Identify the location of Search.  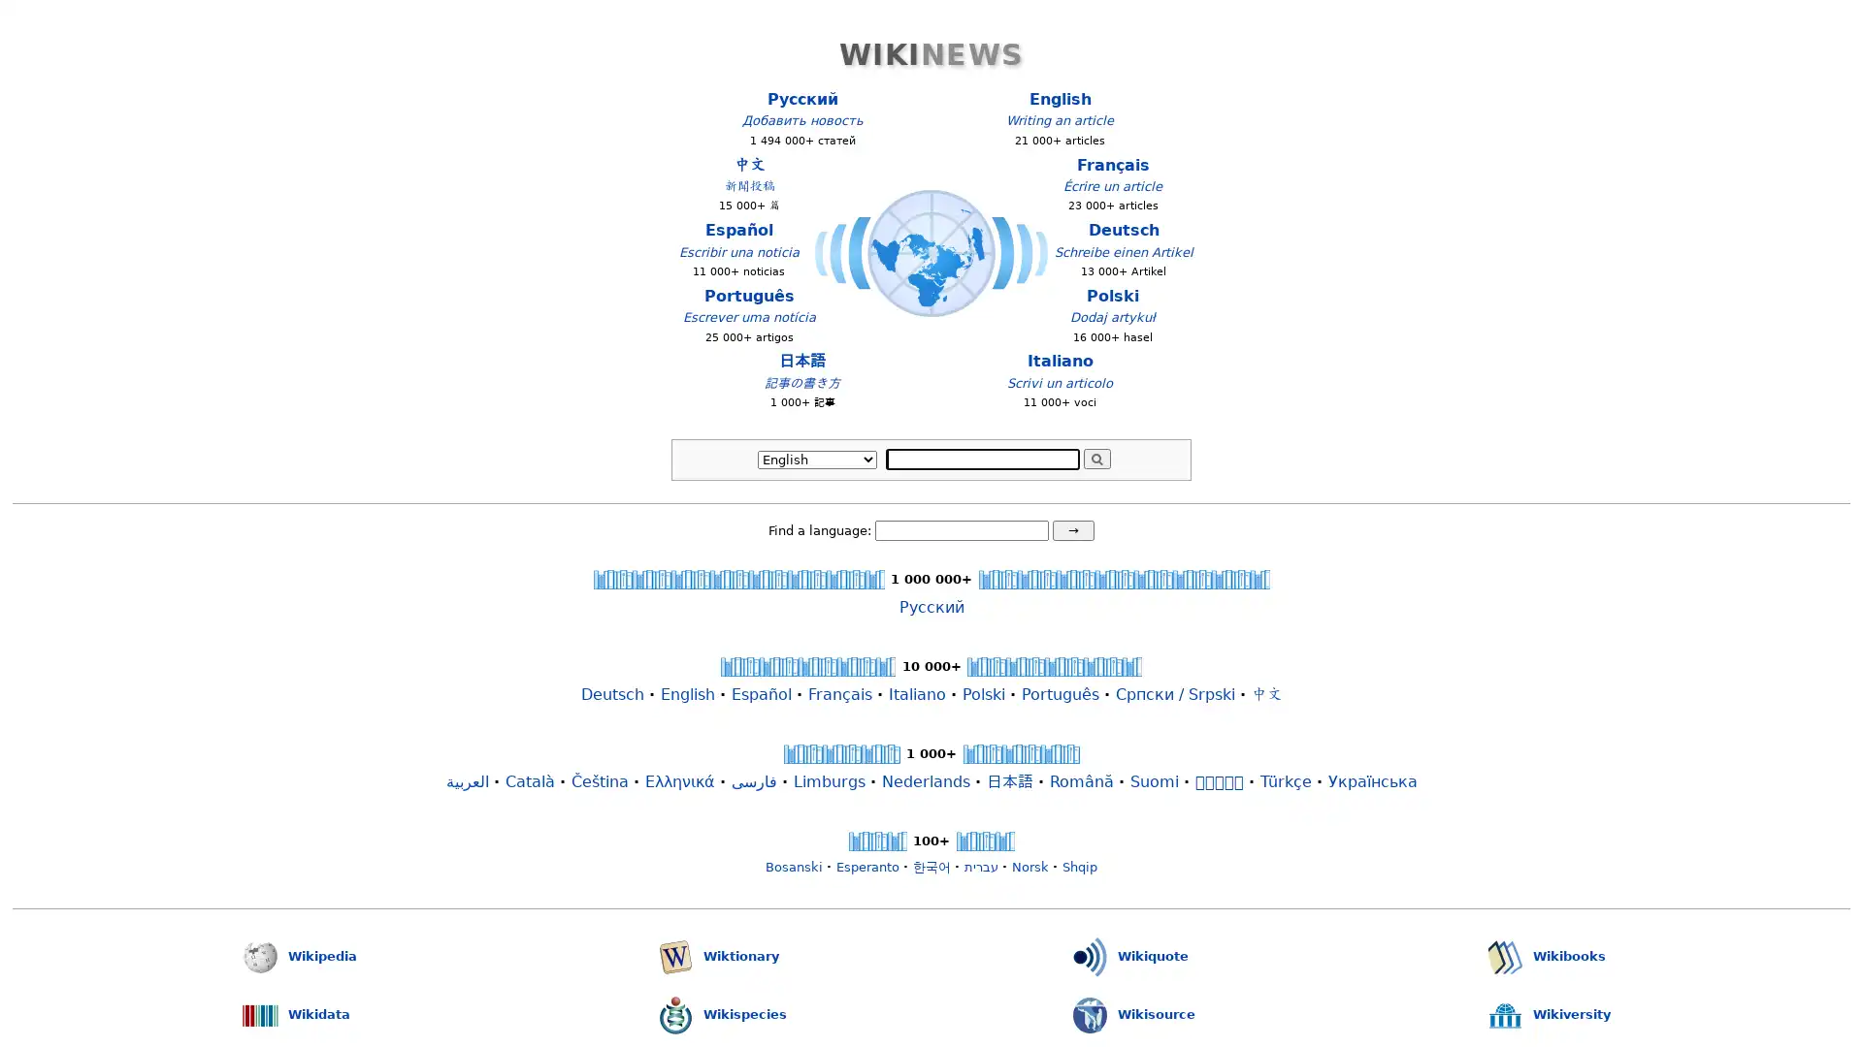
(1095, 459).